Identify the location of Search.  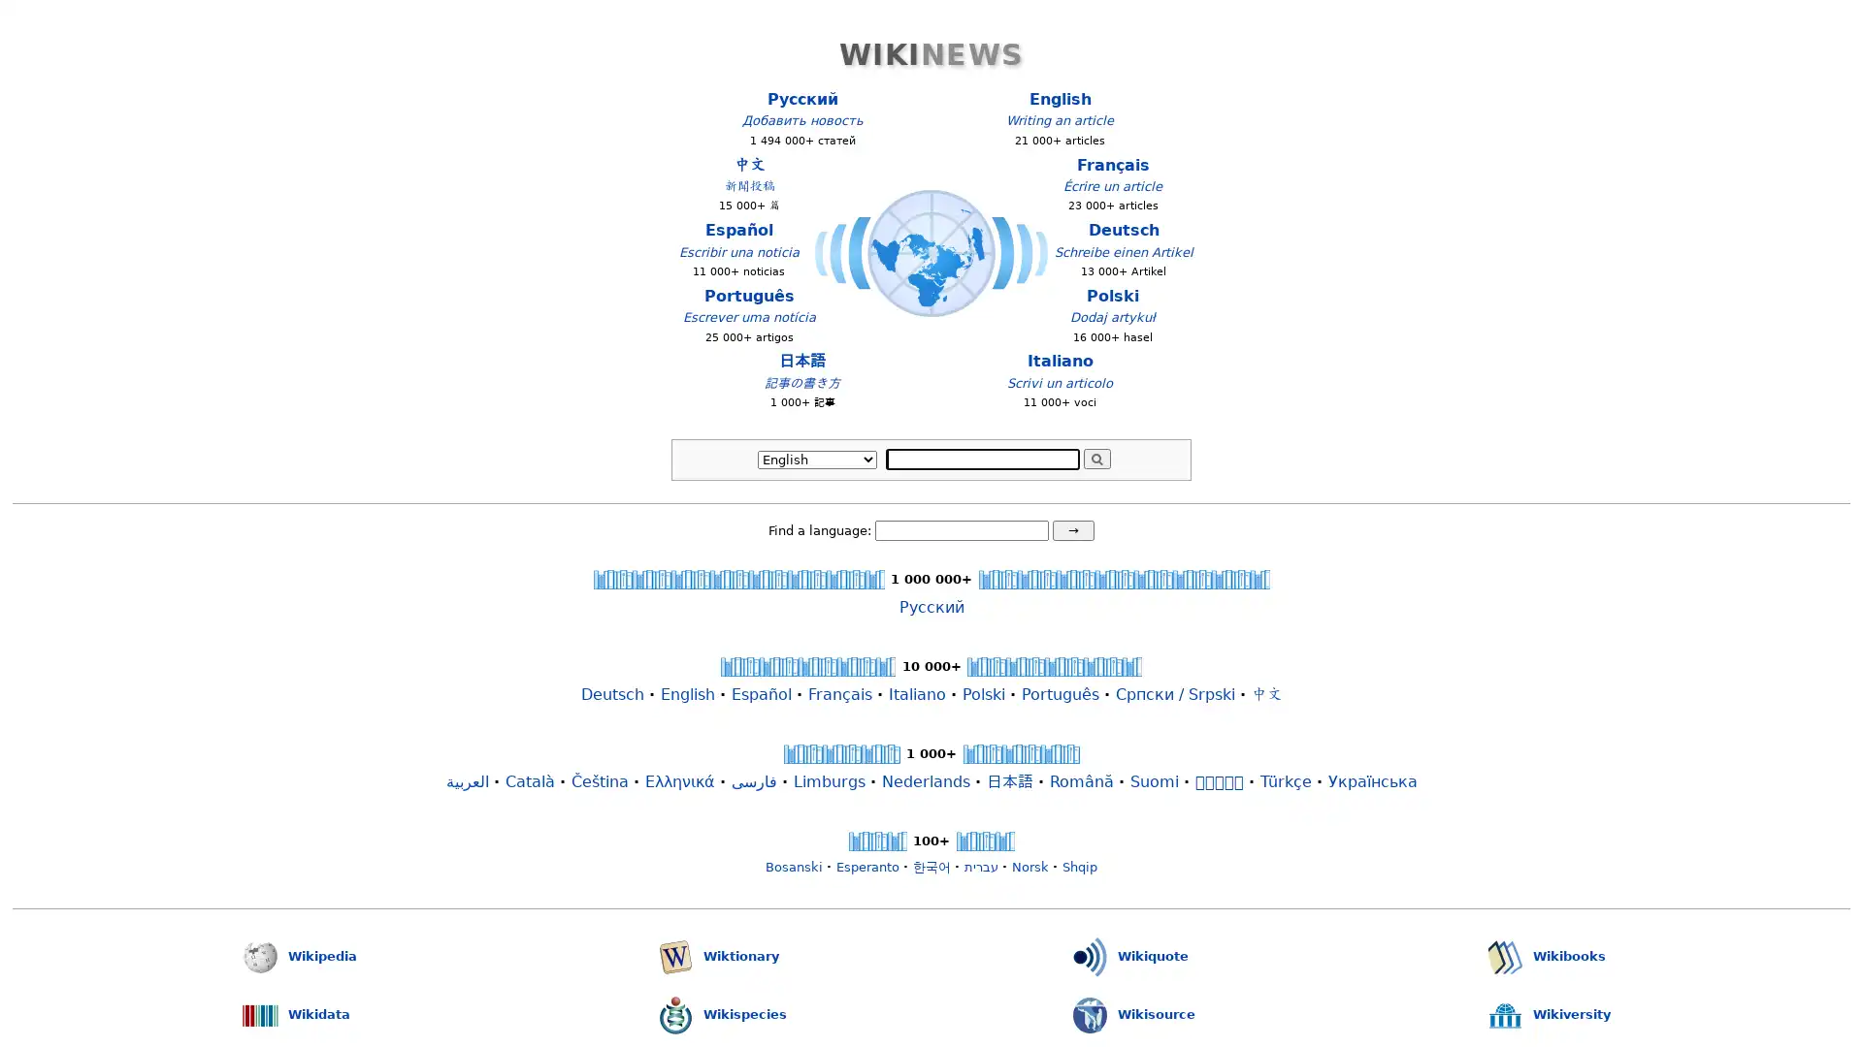
(1095, 459).